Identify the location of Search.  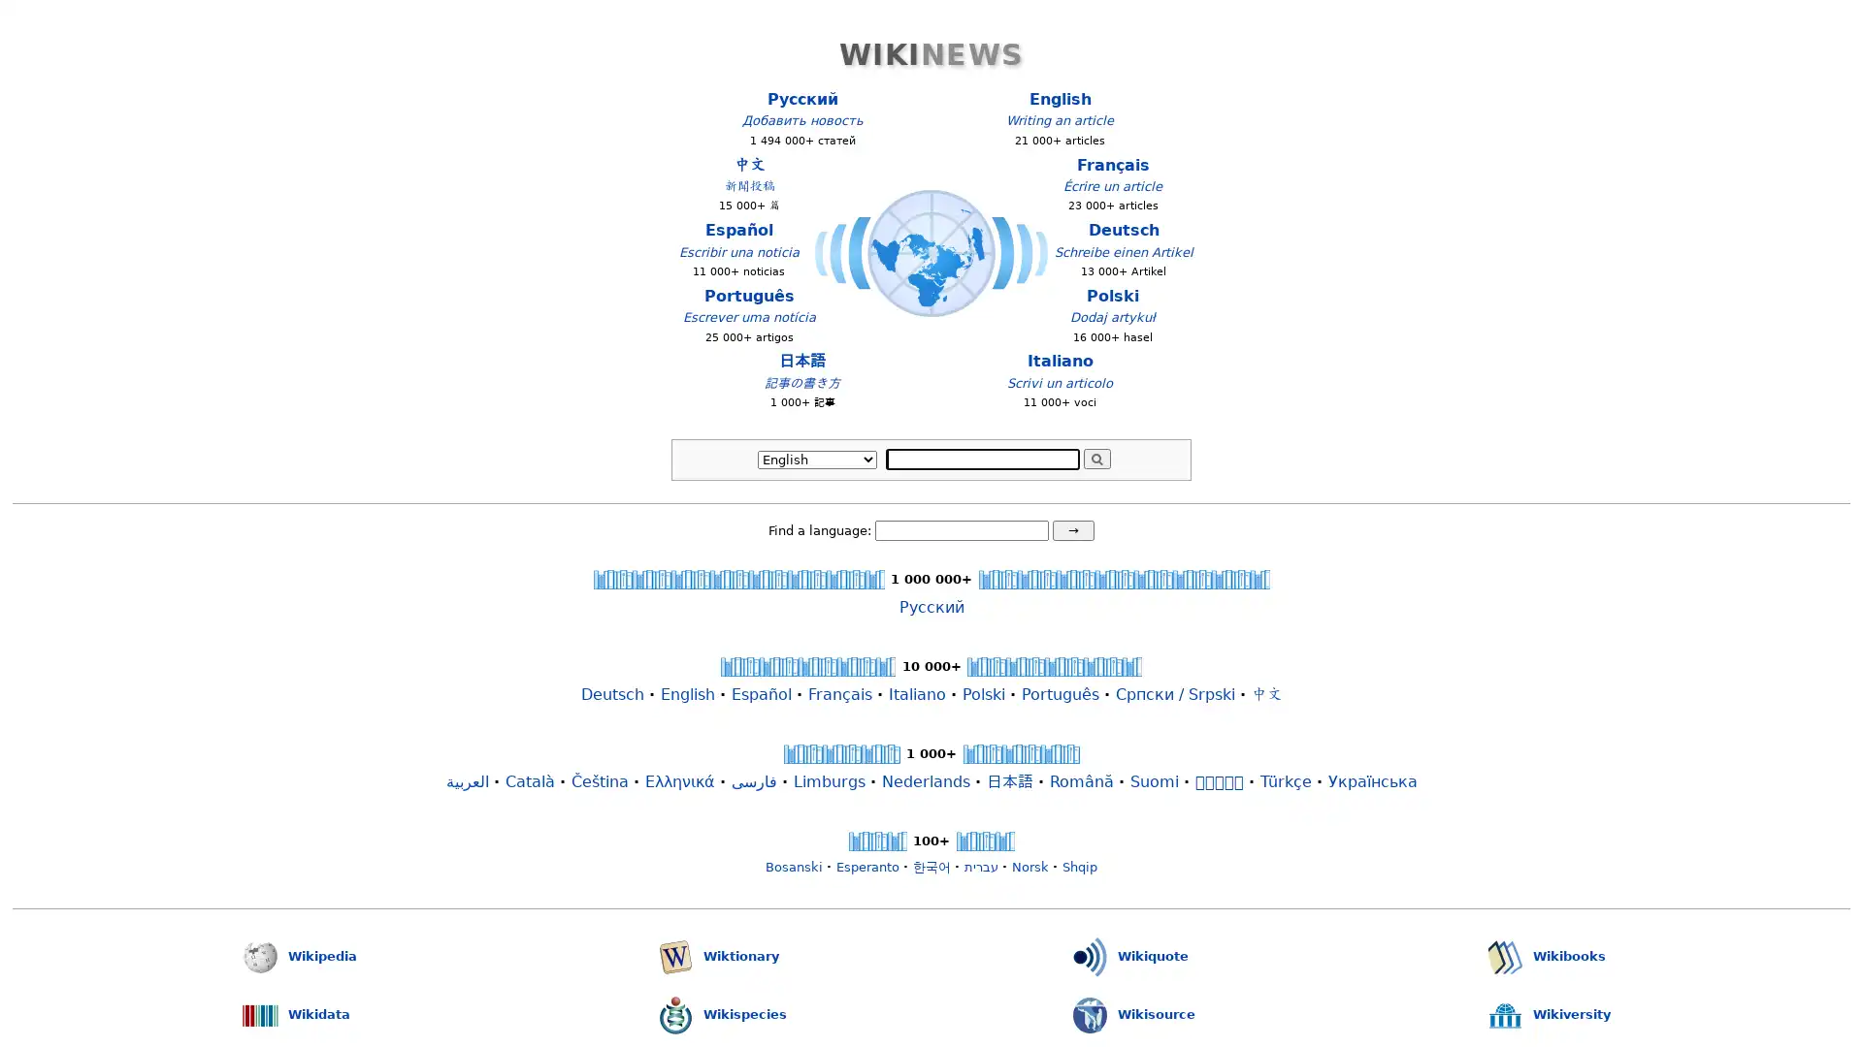
(1095, 459).